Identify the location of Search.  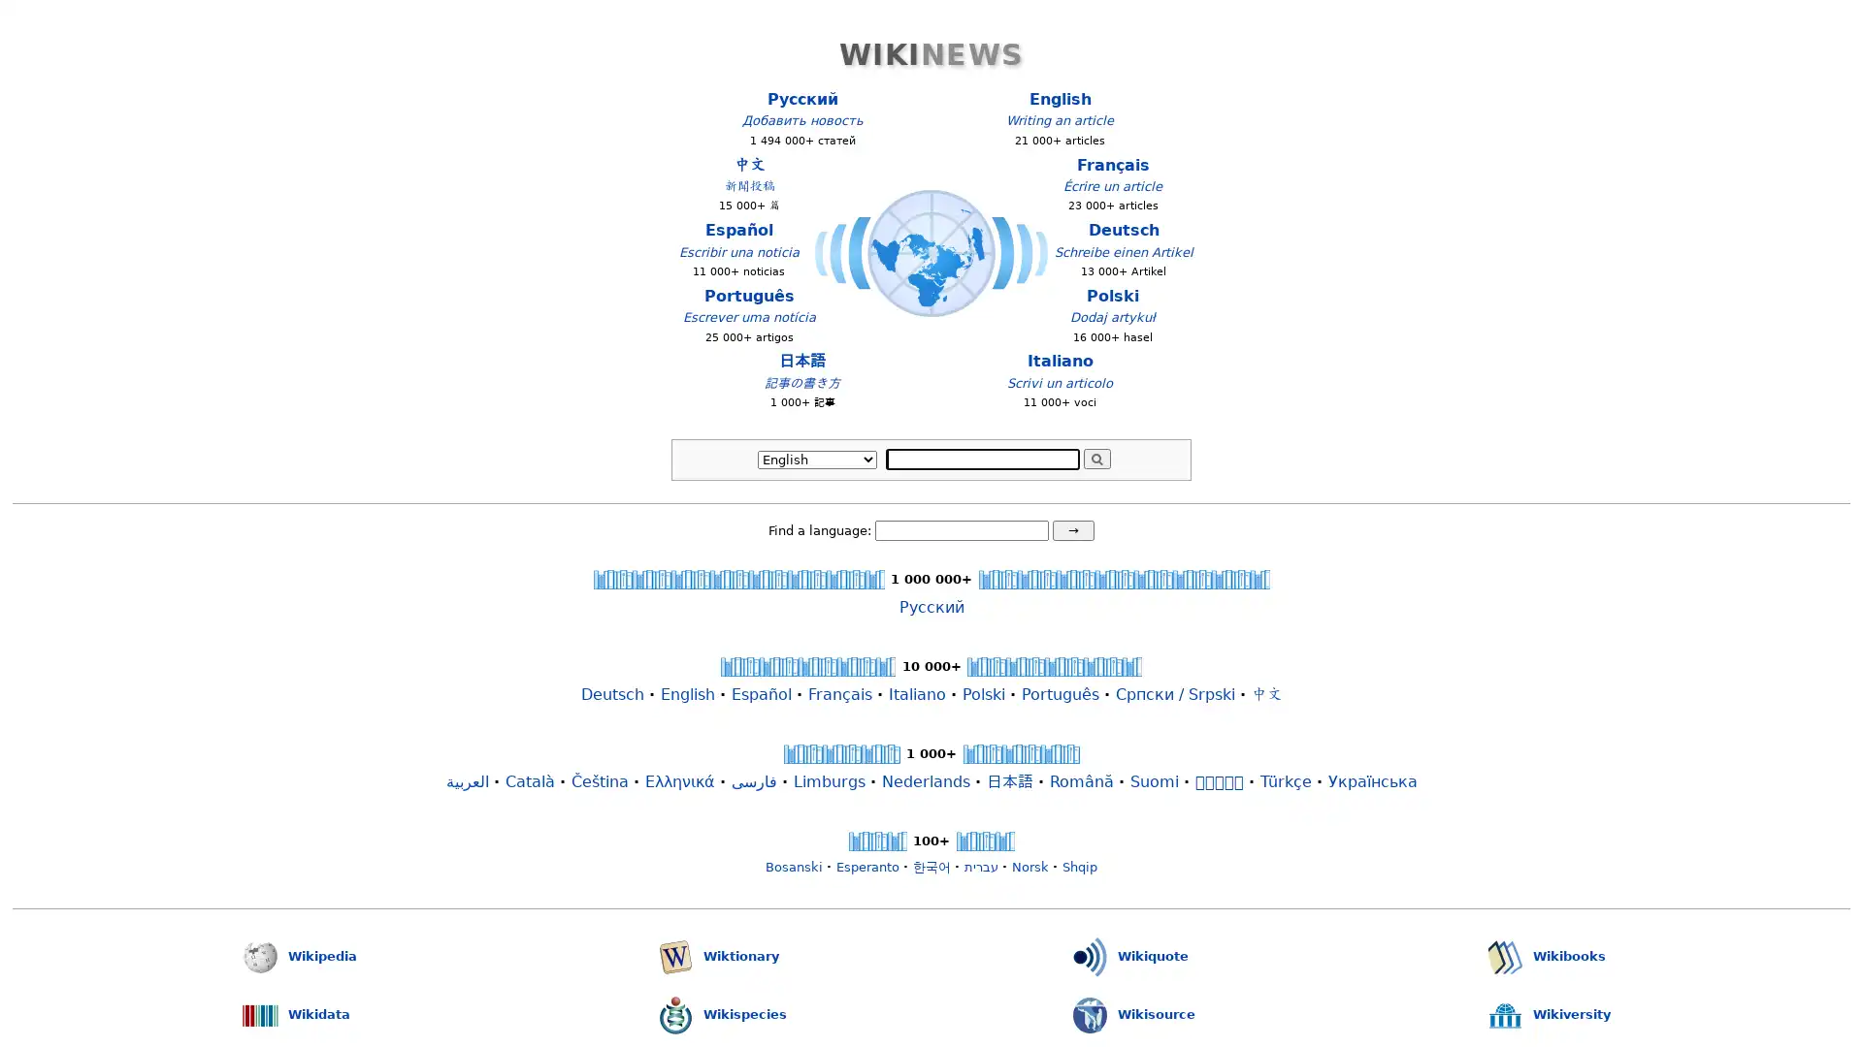
(1095, 459).